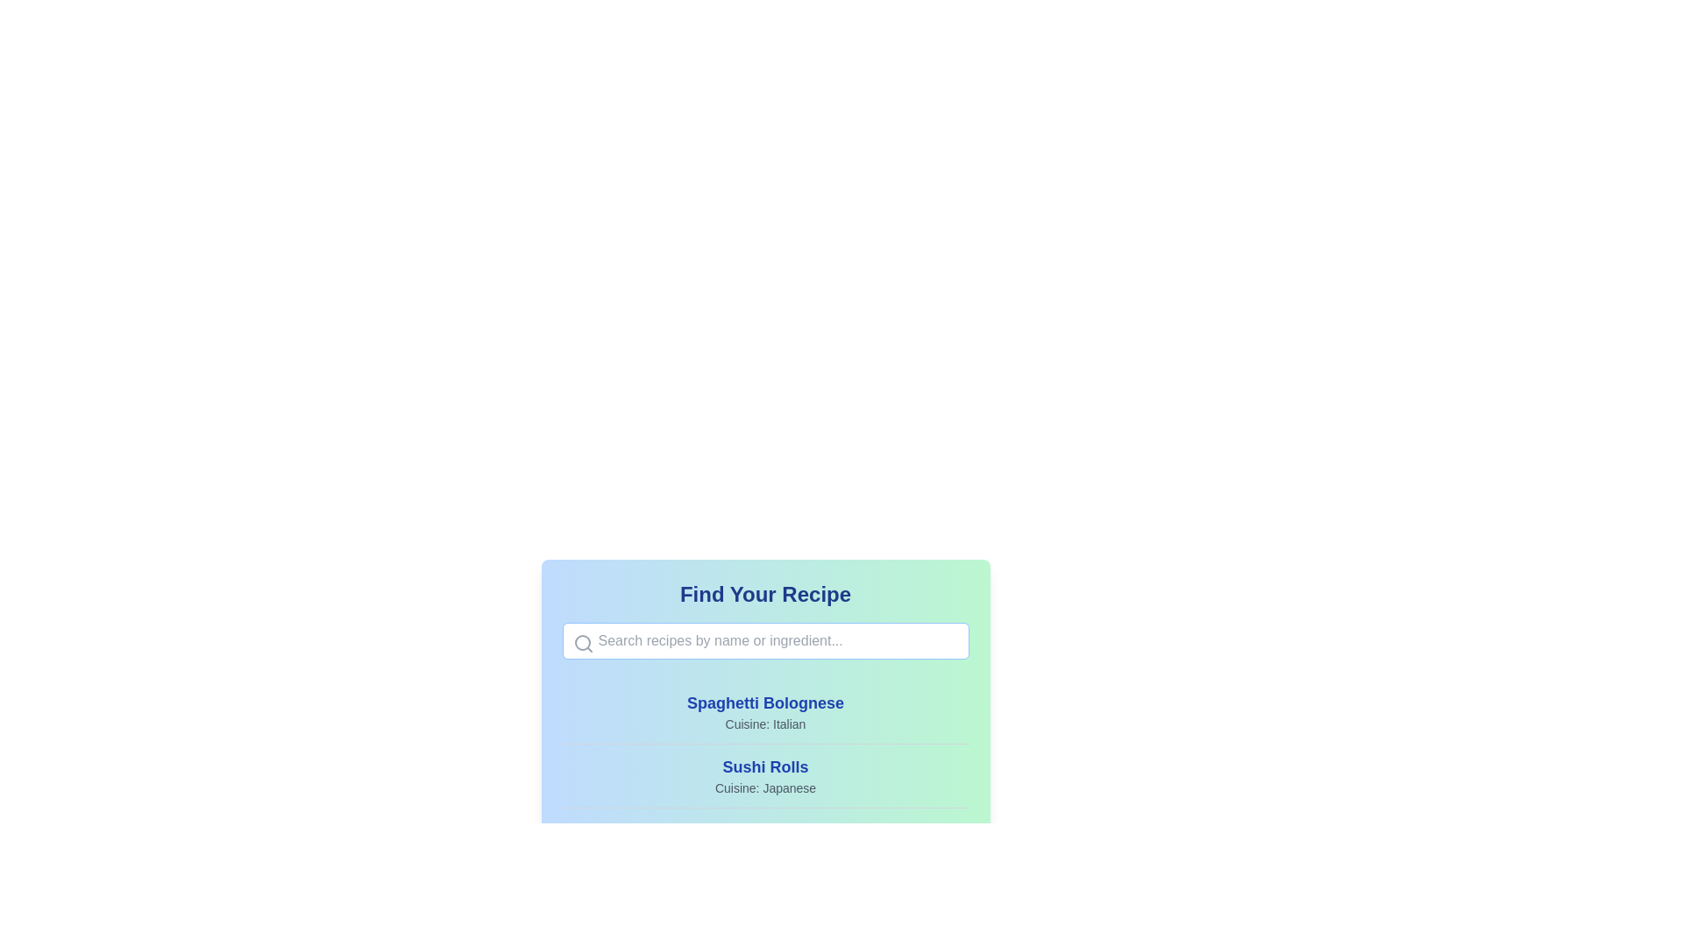 This screenshot has height=946, width=1683. Describe the element at coordinates (765, 712) in the screenshot. I see `the first list item displaying 'Spaghetti Bolognese' to change its background color` at that location.